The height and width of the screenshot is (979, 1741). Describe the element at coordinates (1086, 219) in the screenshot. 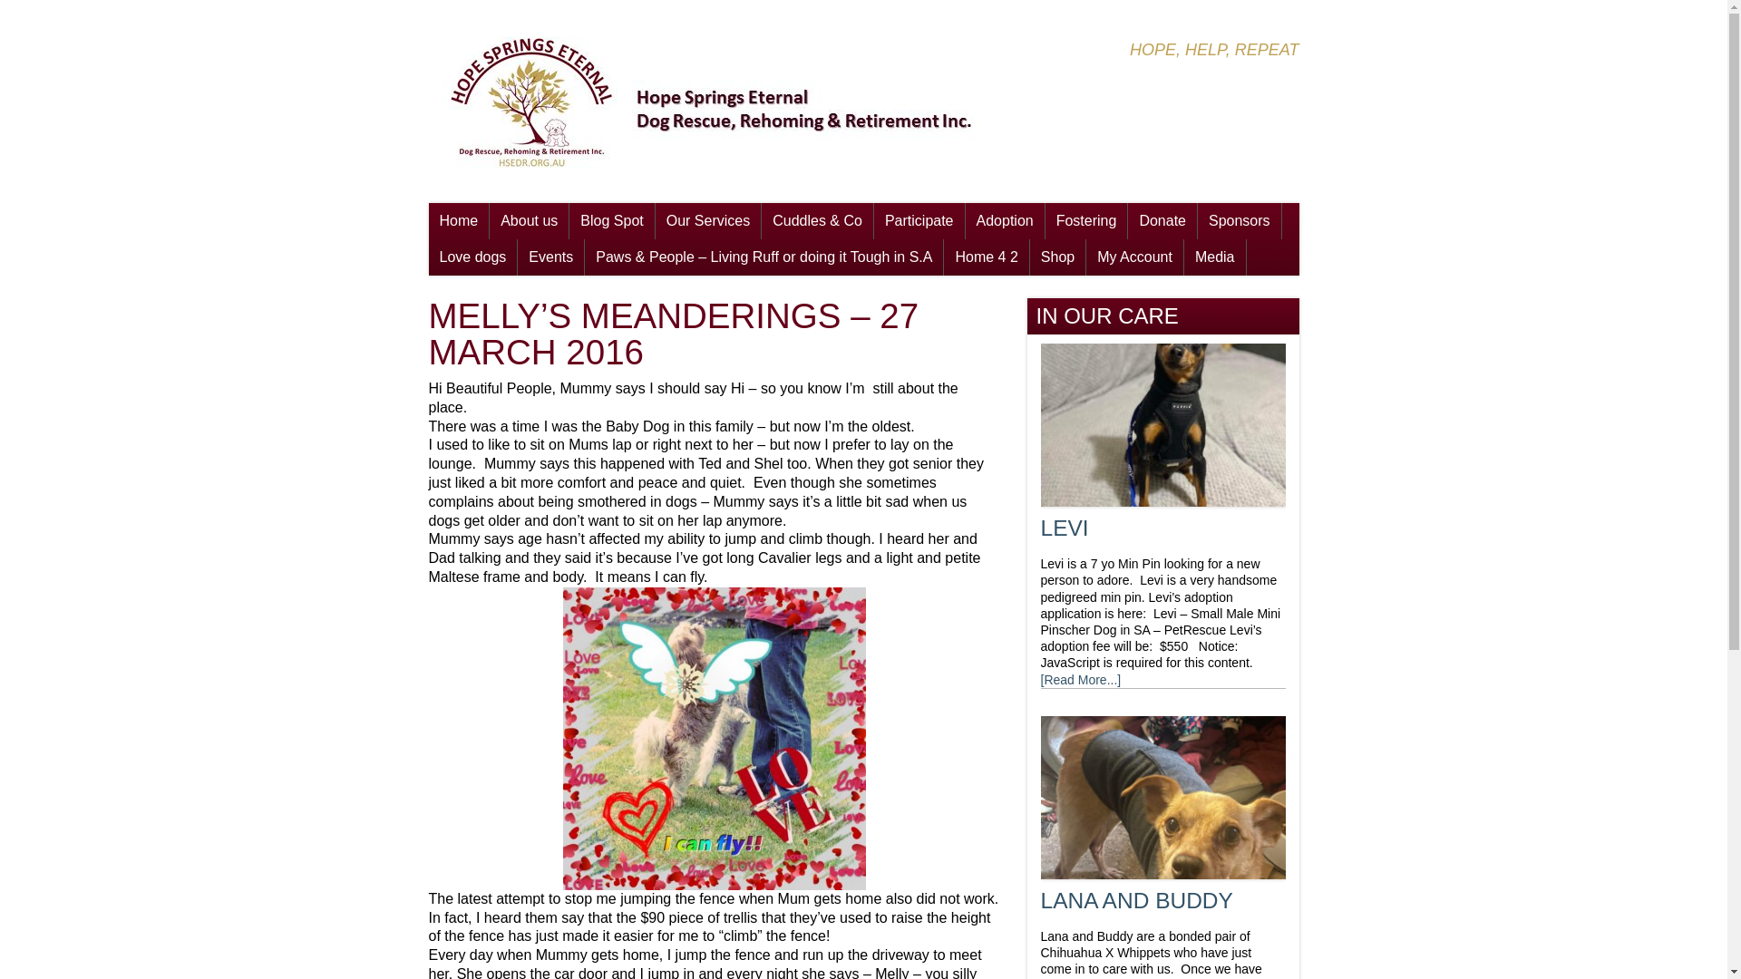

I see `'Fostering'` at that location.